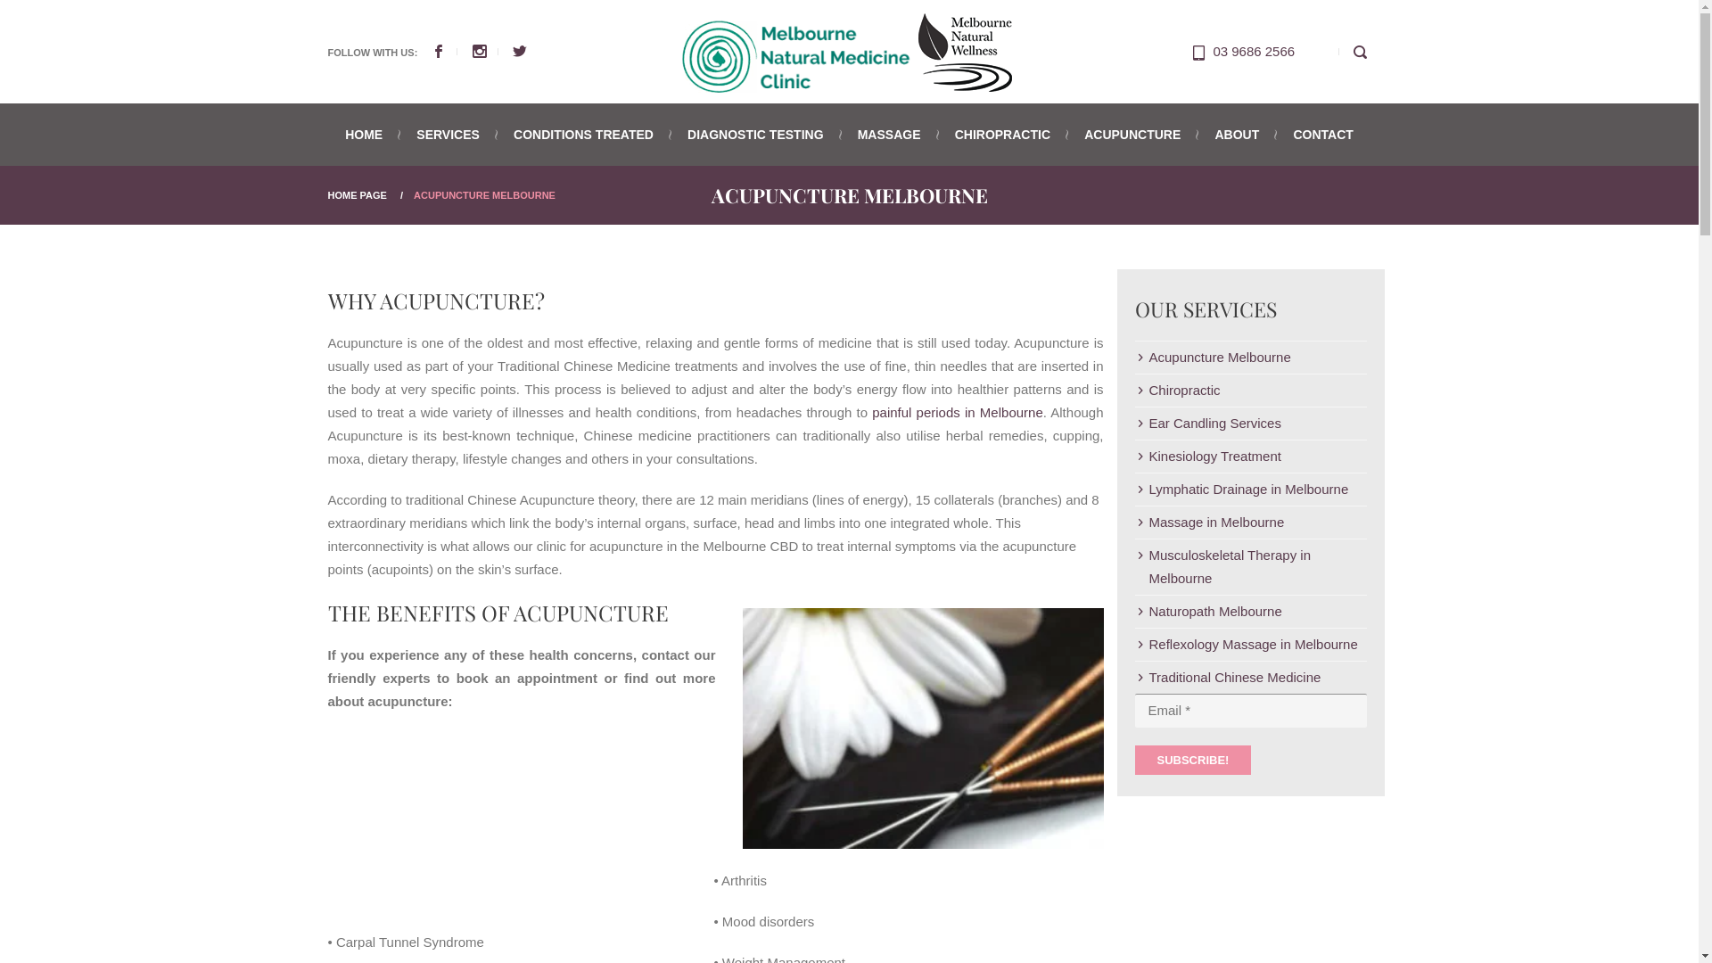 Image resolution: width=1712 pixels, height=963 pixels. Describe the element at coordinates (583, 133) in the screenshot. I see `'CONDITIONS TREATED'` at that location.